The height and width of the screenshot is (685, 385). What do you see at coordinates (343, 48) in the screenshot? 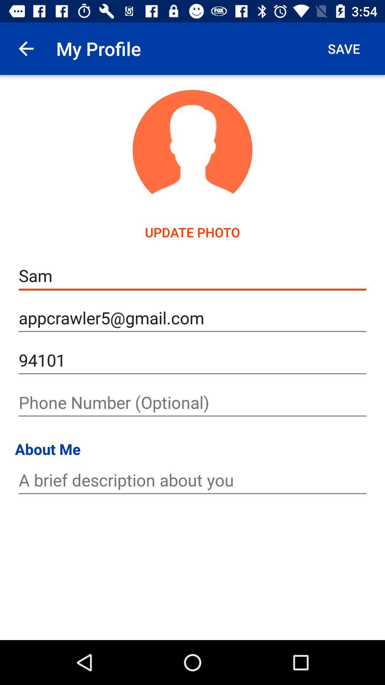
I see `the icon next to my profile item` at bounding box center [343, 48].